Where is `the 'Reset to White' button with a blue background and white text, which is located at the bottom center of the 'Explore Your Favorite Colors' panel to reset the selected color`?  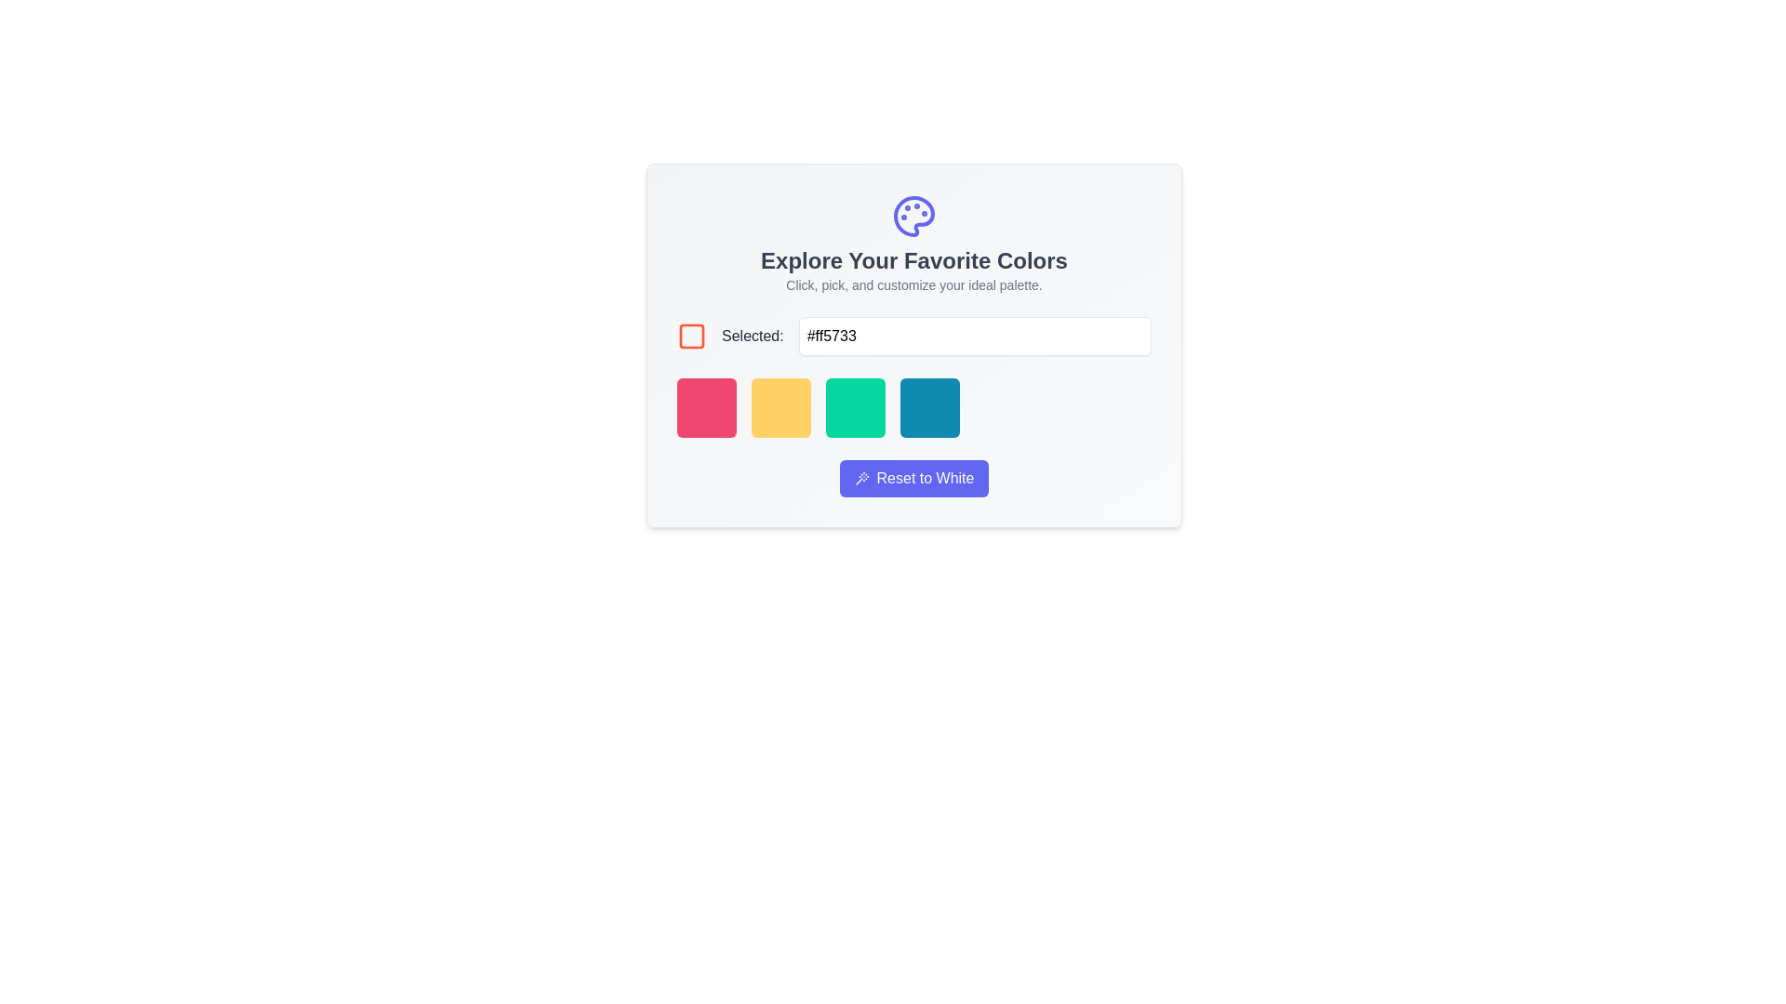
the 'Reset to White' button with a blue background and white text, which is located at the bottom center of the 'Explore Your Favorite Colors' panel to reset the selected color is located at coordinates (914, 478).